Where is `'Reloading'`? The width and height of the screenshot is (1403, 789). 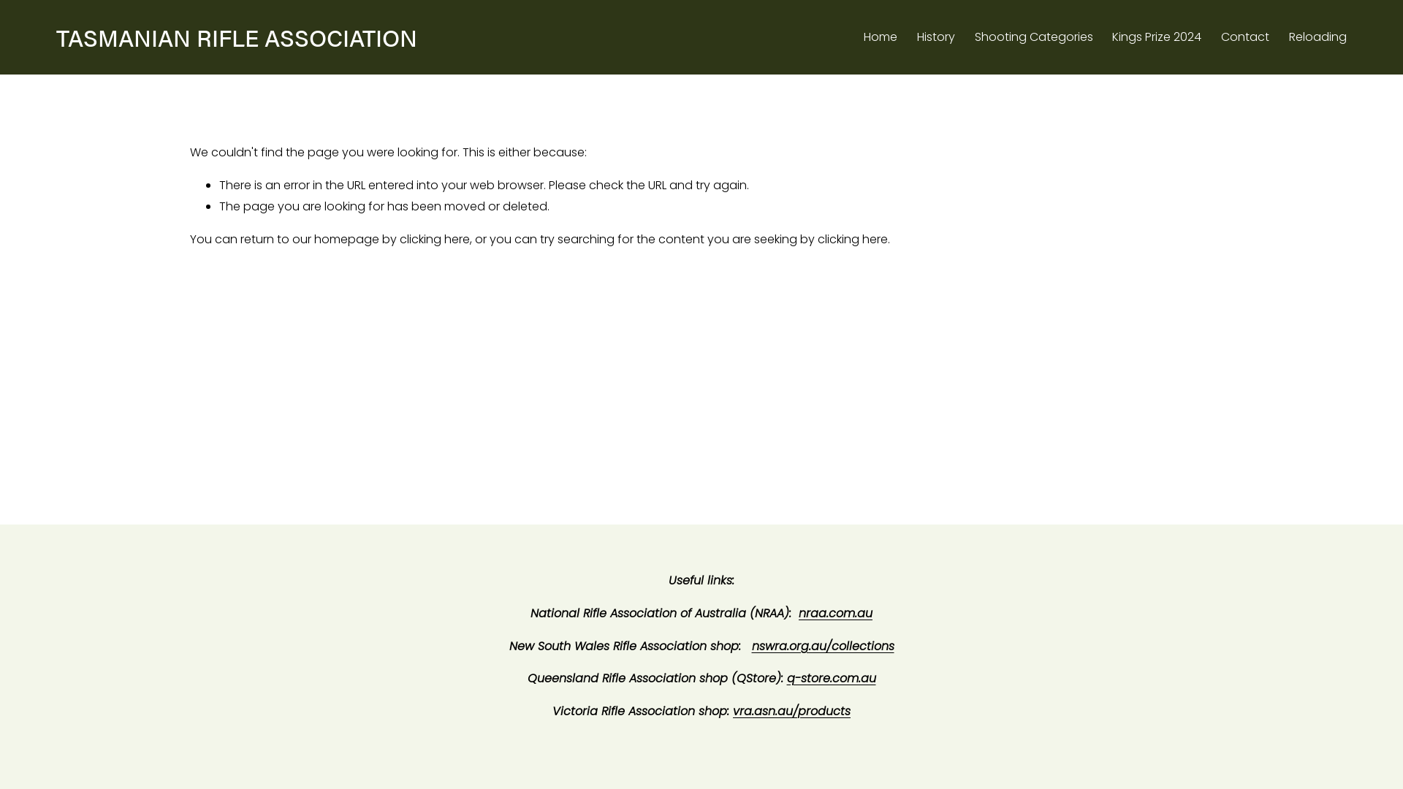 'Reloading' is located at coordinates (1288, 36).